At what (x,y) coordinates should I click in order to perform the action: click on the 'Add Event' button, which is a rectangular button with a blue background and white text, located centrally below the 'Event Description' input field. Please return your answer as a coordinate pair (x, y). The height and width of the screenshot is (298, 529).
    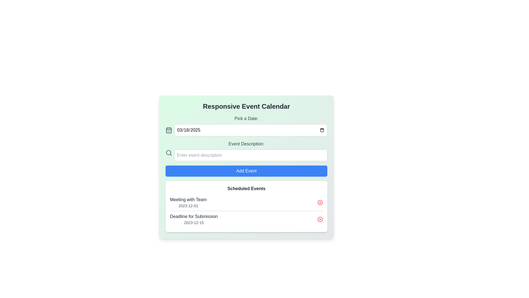
    Looking at the image, I should click on (246, 171).